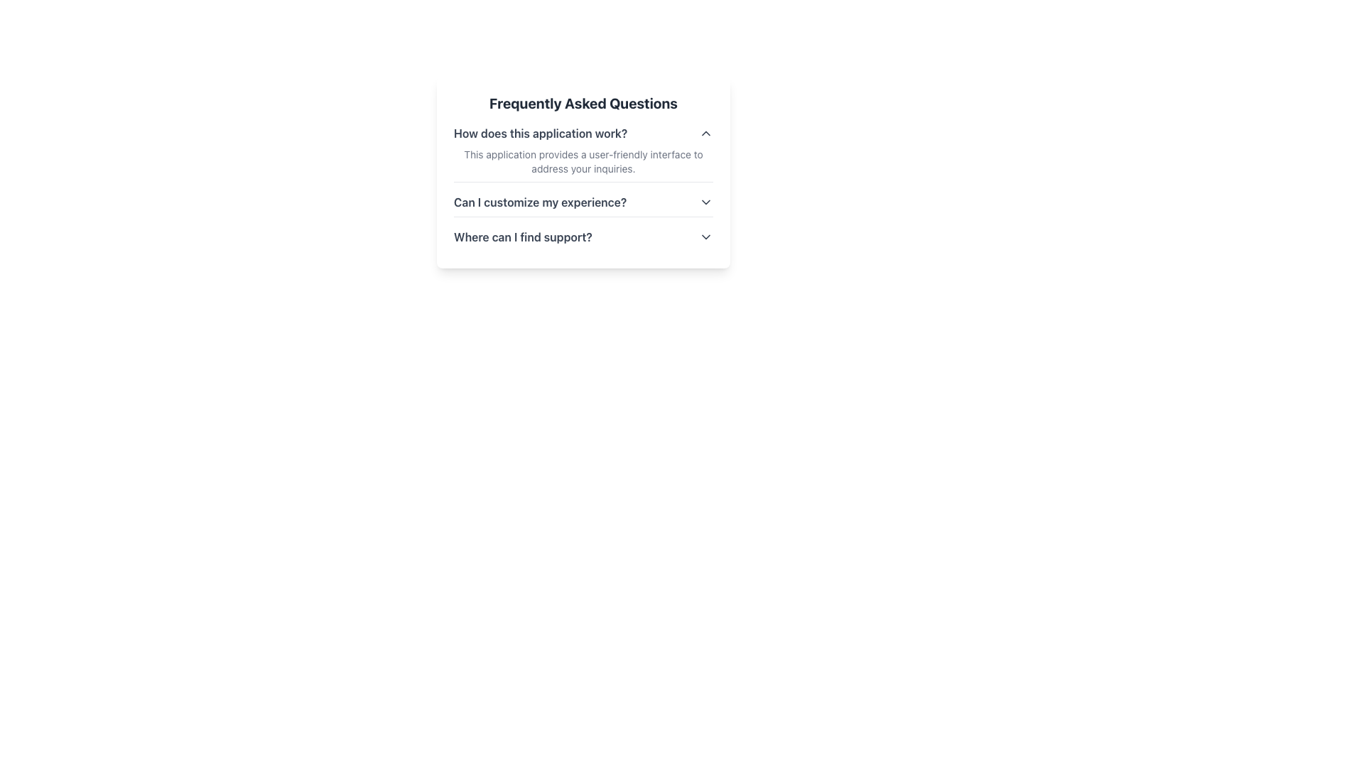 This screenshot has width=1364, height=767. Describe the element at coordinates (540, 134) in the screenshot. I see `text element that serves as a question or heading in the FAQ section, located at the top of the FAQ block` at that location.